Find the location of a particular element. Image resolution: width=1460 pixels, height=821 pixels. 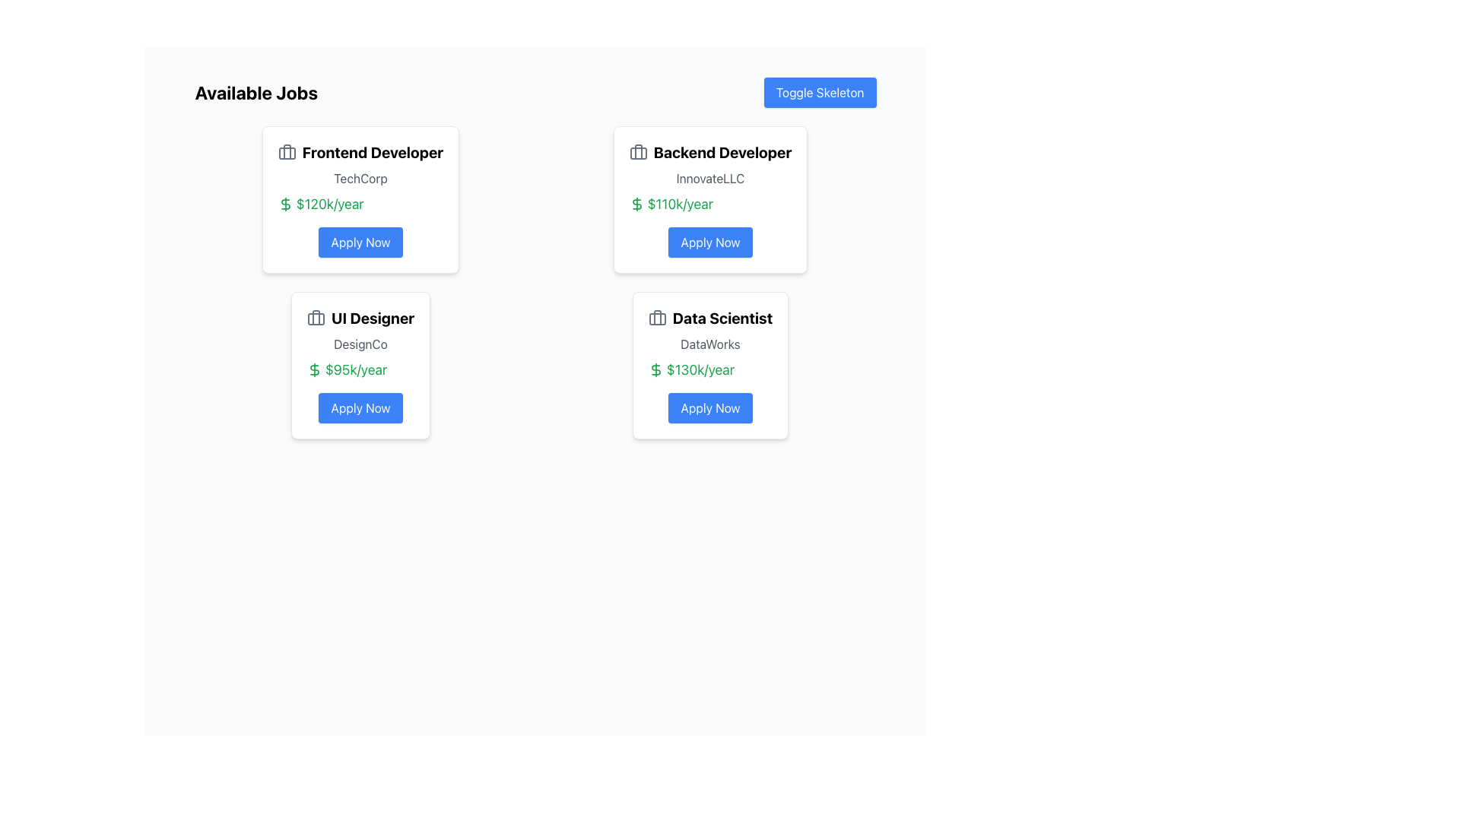

the salary information text '$110k/year' with the dollar-sign icon, which is located in the job card for the 'Backend Developer' role, positioned below 'InnovateLLC' and above the 'Apply Now' button is located at coordinates (709, 204).